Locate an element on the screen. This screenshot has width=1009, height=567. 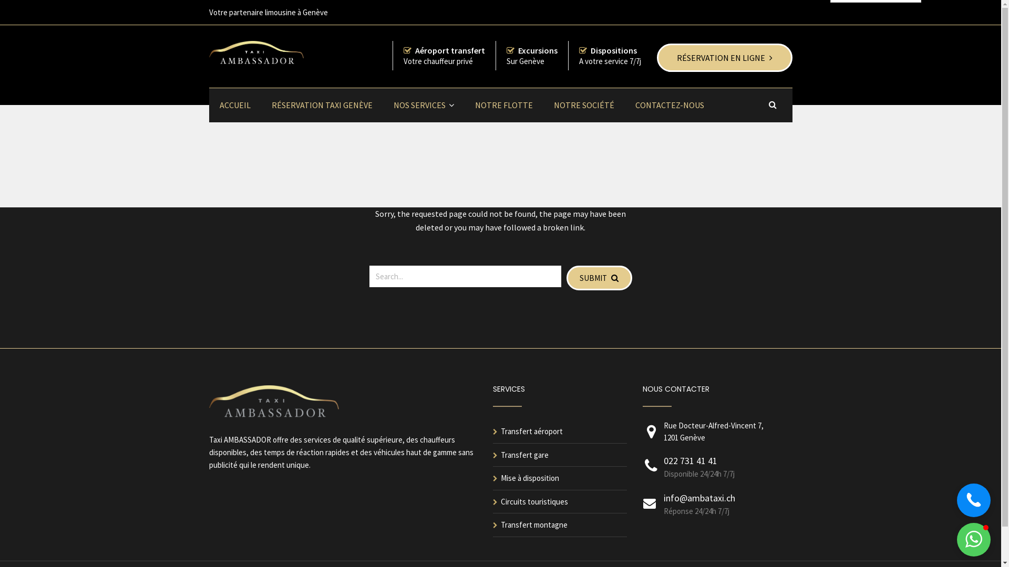
'Circuits touristiques' is located at coordinates (534, 501).